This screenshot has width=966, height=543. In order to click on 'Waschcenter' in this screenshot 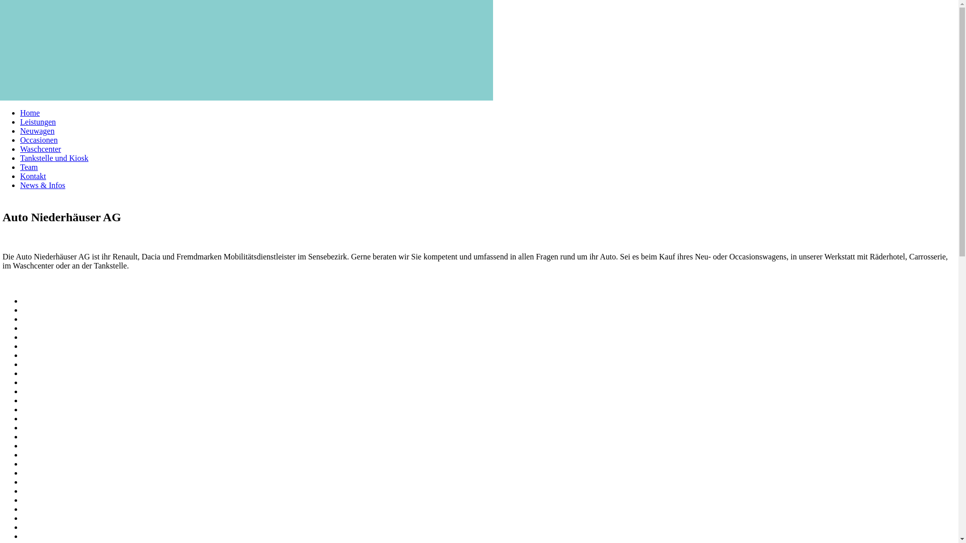, I will do `click(40, 149)`.